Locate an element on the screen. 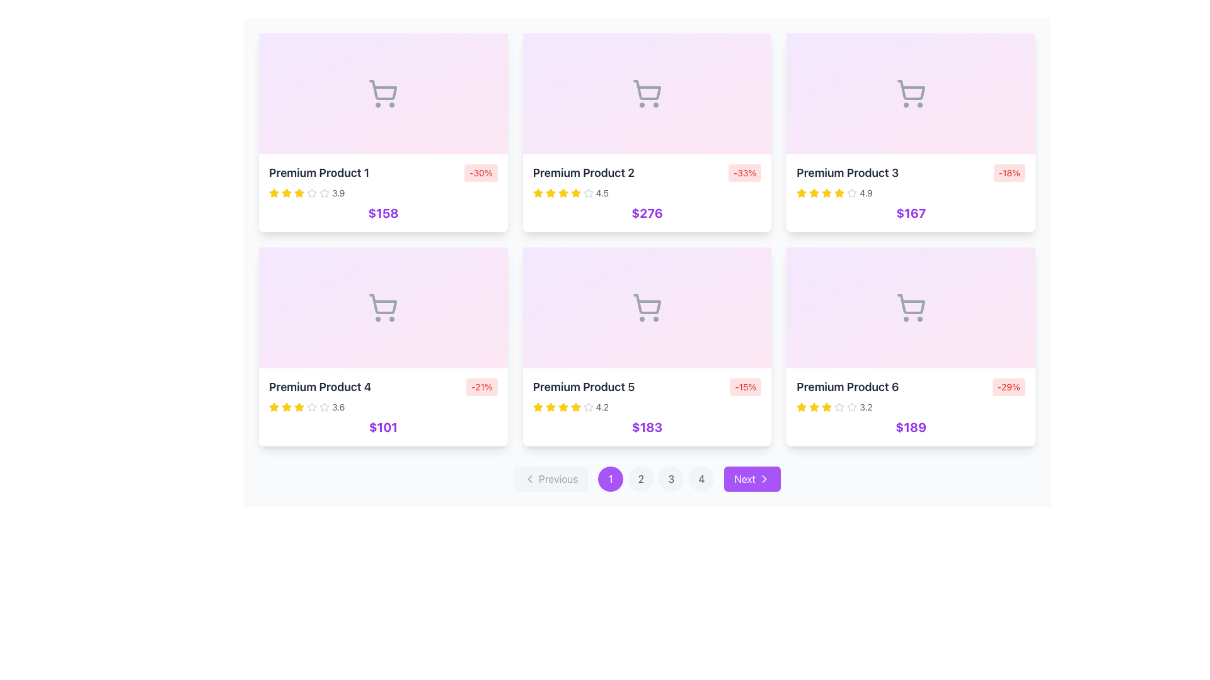 The width and height of the screenshot is (1210, 680). the unfilled gray star icon, which is the second unfilled star in the rating display located below 'Premium Product 6' and above the price of '$189' on the bottom-right card in the grid is located at coordinates (852, 407).